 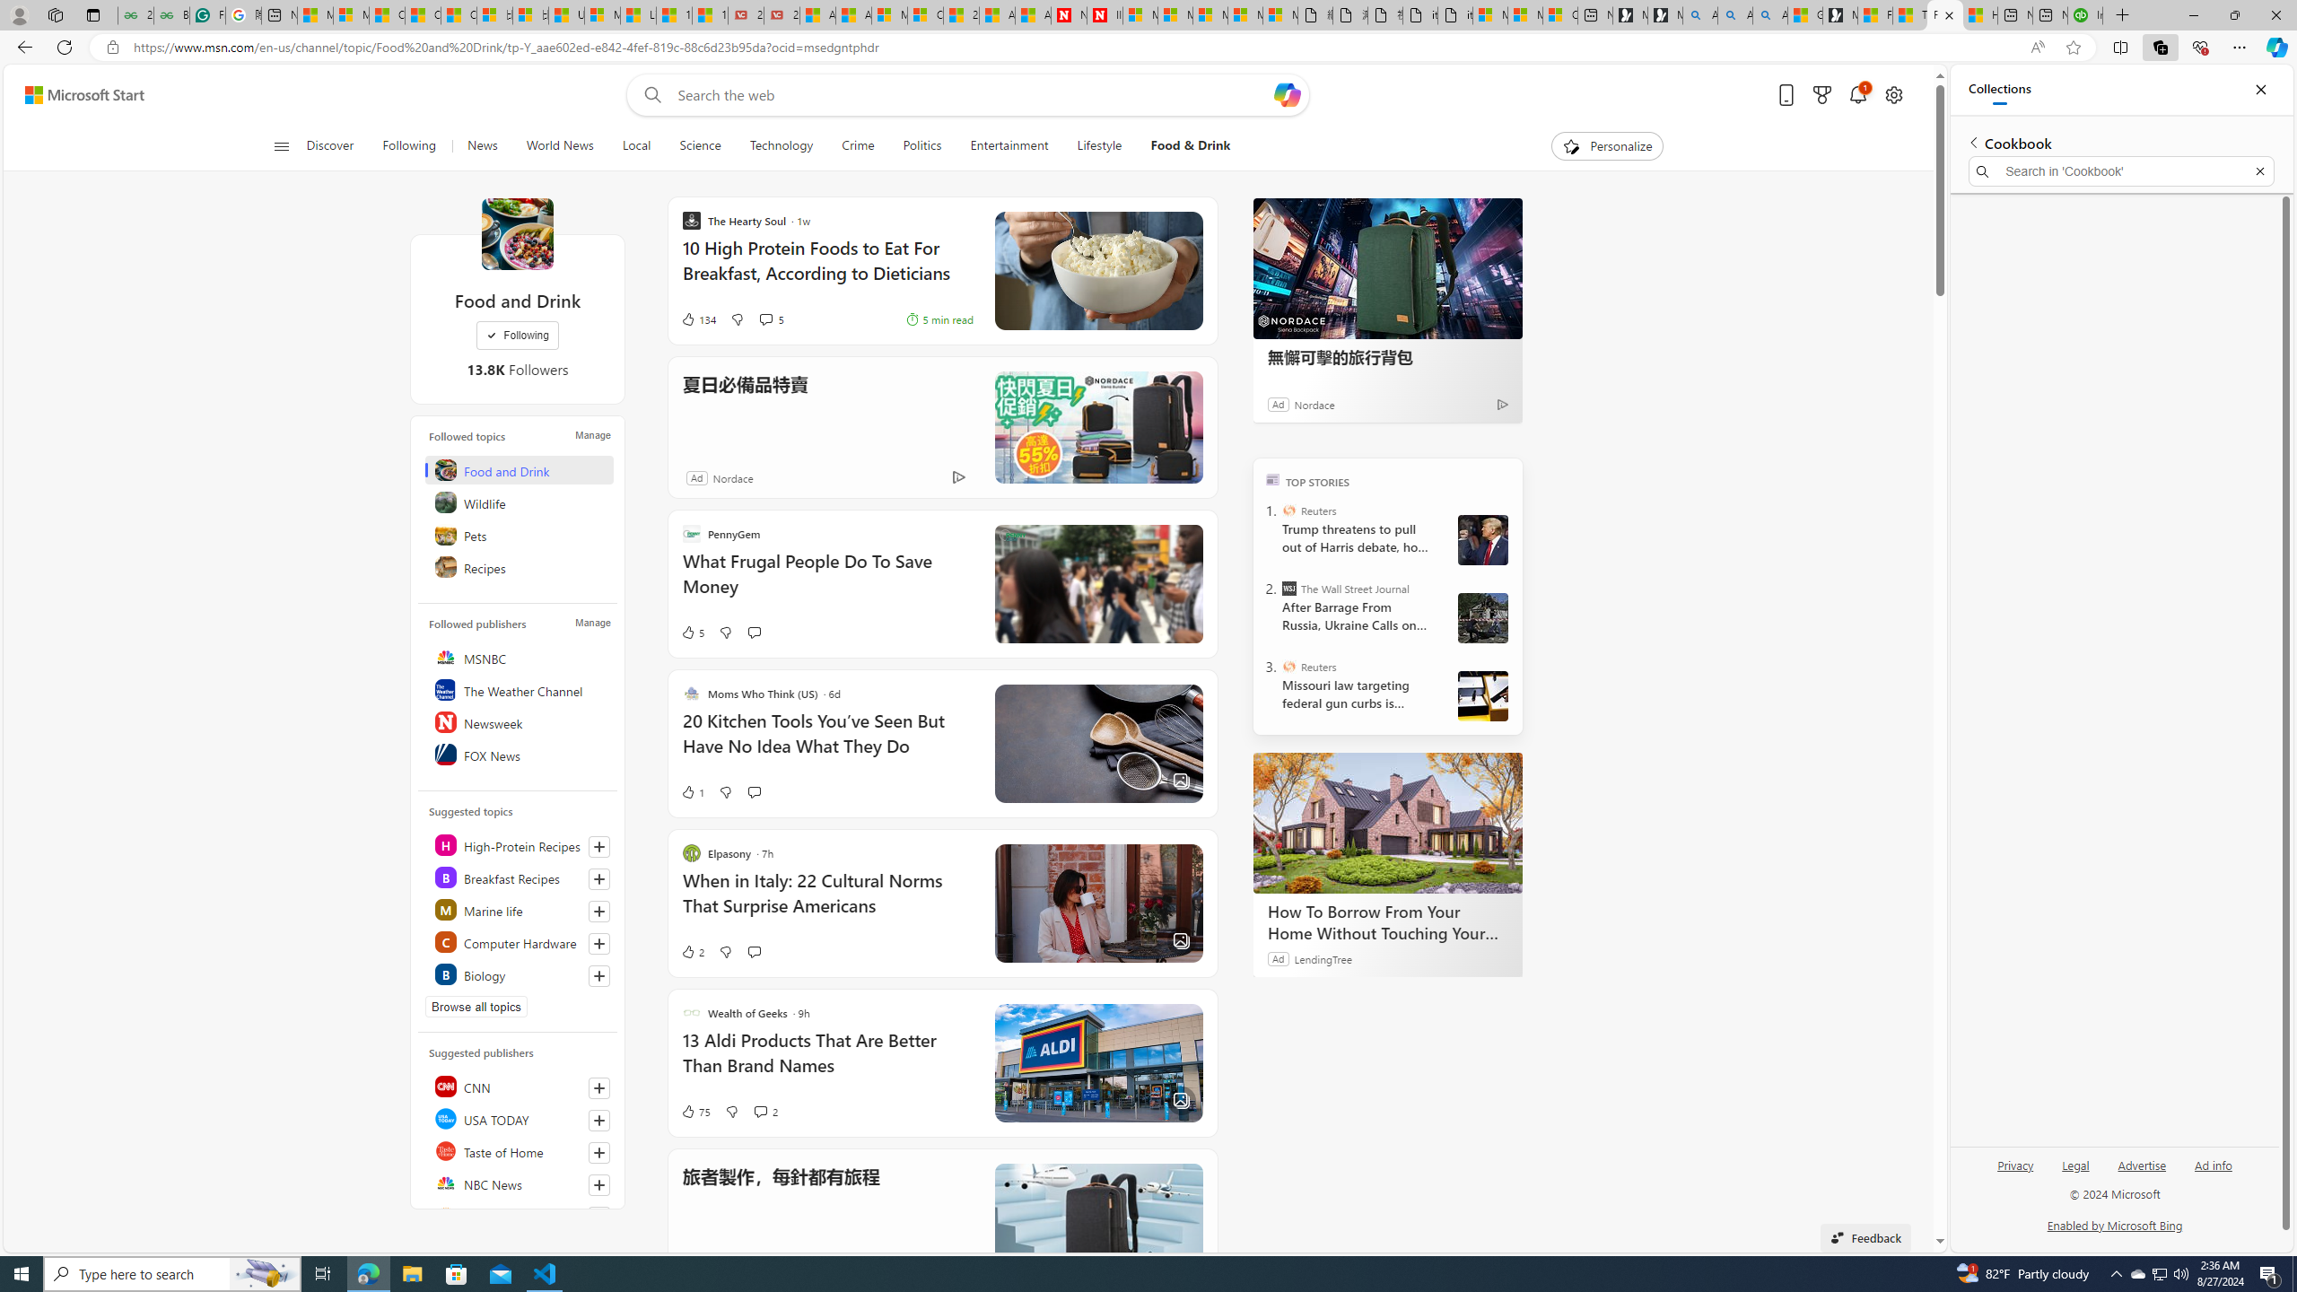 I want to click on 'Back to list of collections', so click(x=1972, y=142).